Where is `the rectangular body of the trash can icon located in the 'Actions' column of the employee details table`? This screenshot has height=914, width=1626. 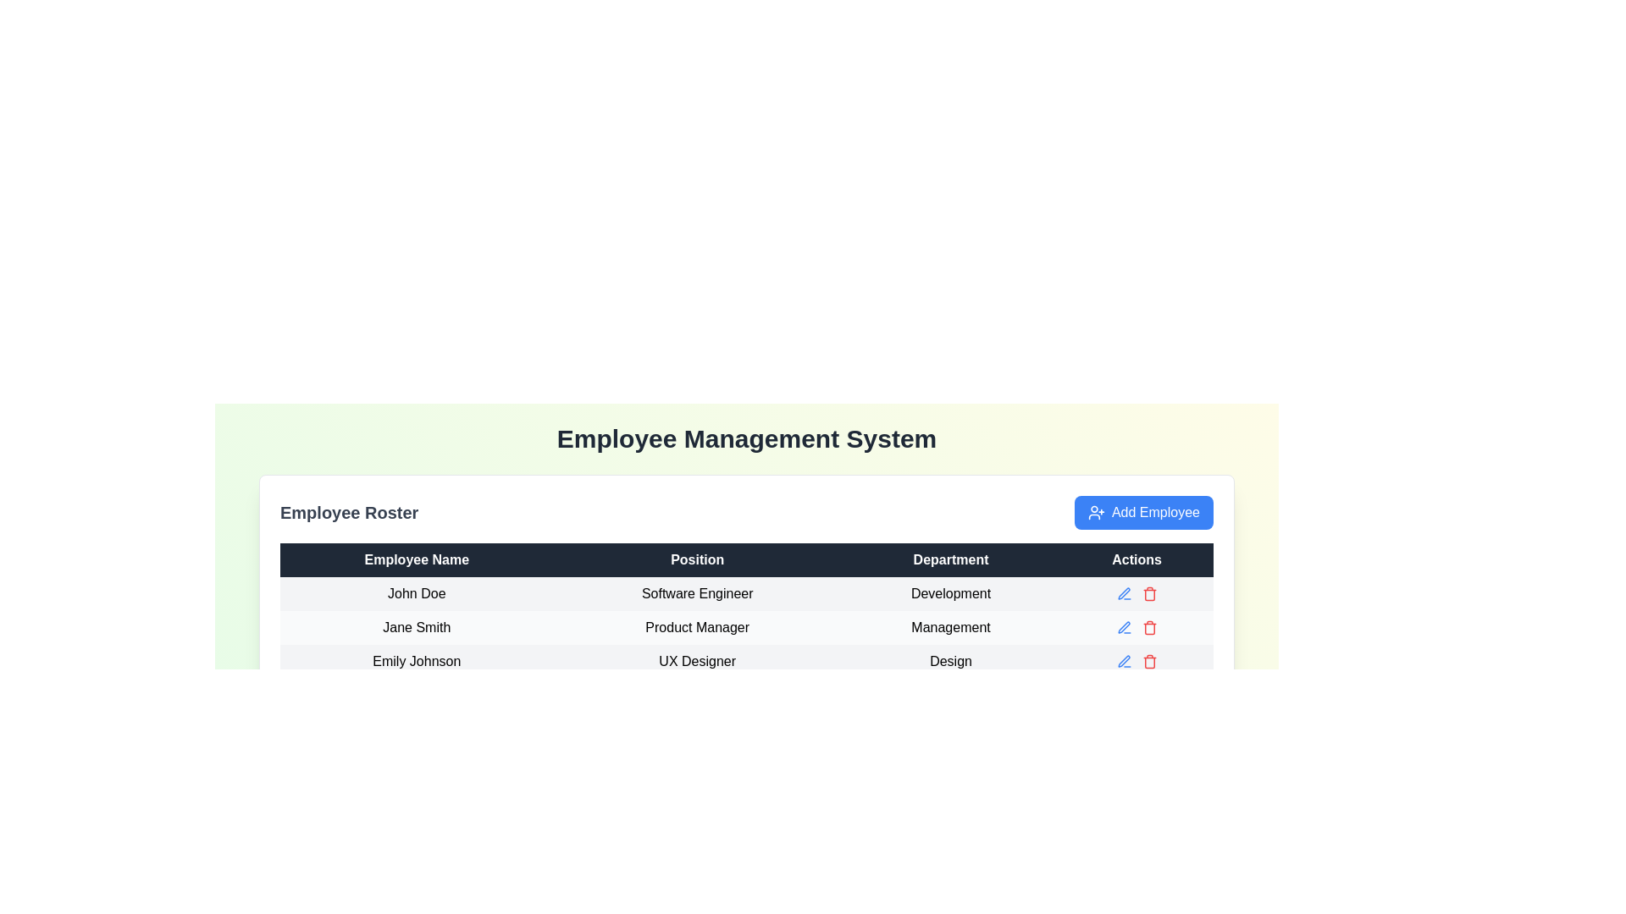 the rectangular body of the trash can icon located in the 'Actions' column of the employee details table is located at coordinates (1149, 629).